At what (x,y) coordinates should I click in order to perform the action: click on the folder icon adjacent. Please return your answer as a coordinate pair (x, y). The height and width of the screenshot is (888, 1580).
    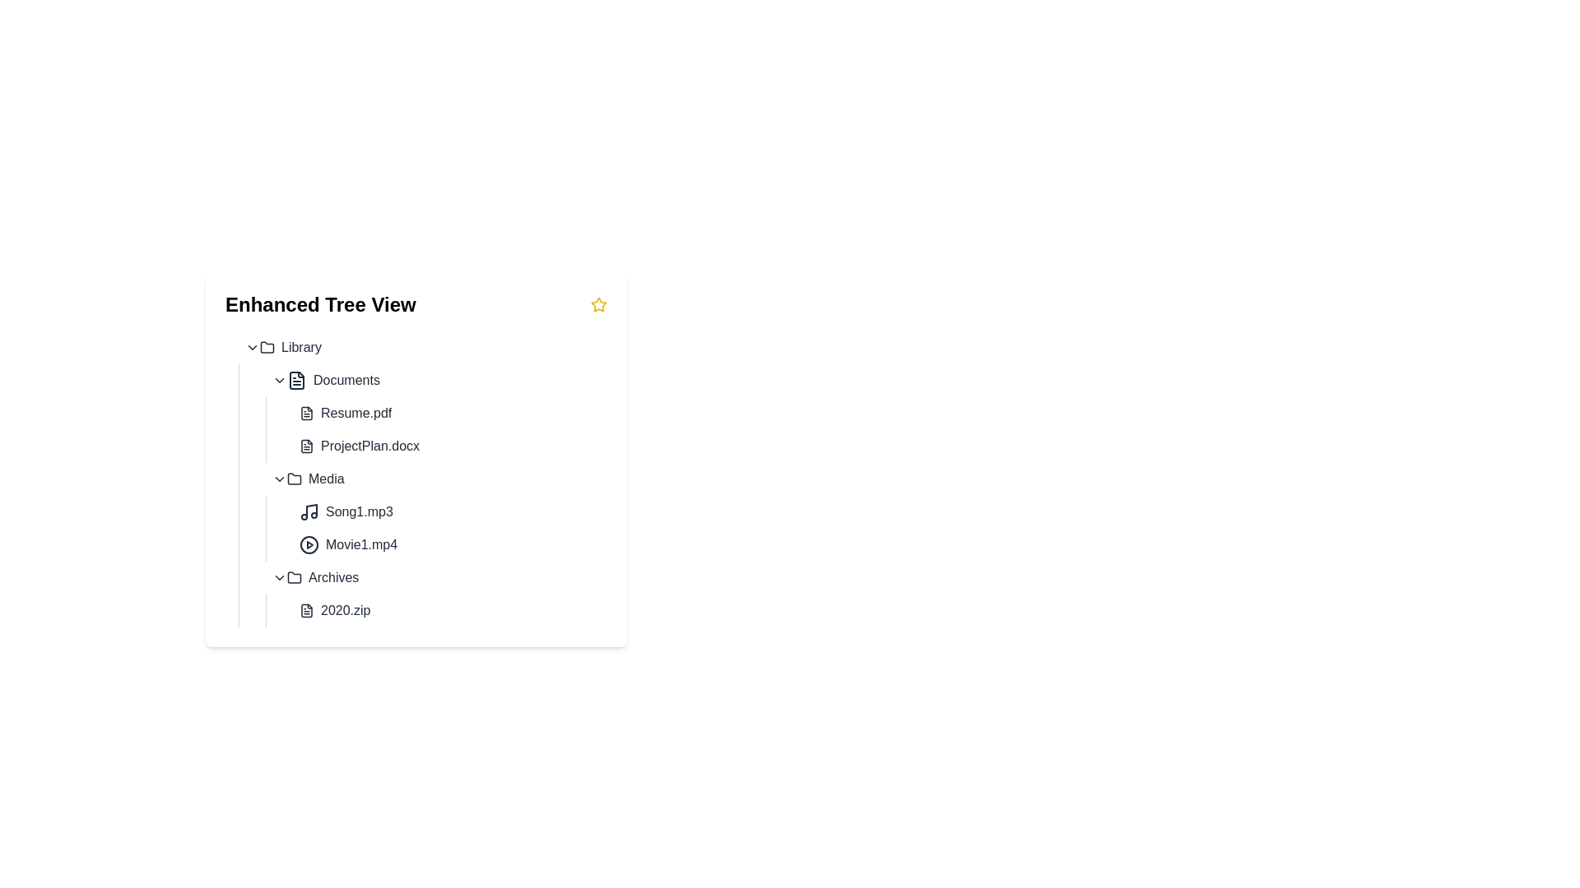
    Looking at the image, I should click on (267, 345).